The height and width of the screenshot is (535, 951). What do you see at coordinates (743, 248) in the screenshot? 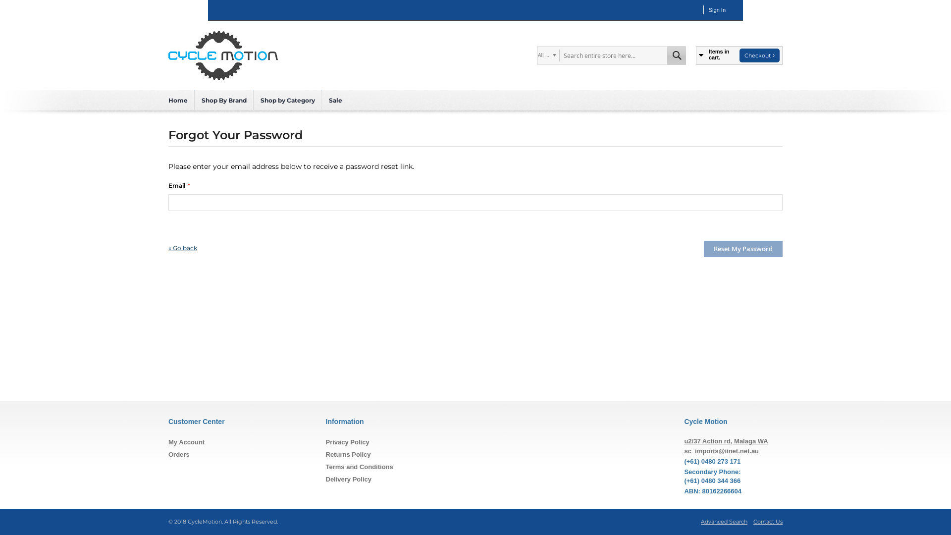
I see `'Reset My Password'` at bounding box center [743, 248].